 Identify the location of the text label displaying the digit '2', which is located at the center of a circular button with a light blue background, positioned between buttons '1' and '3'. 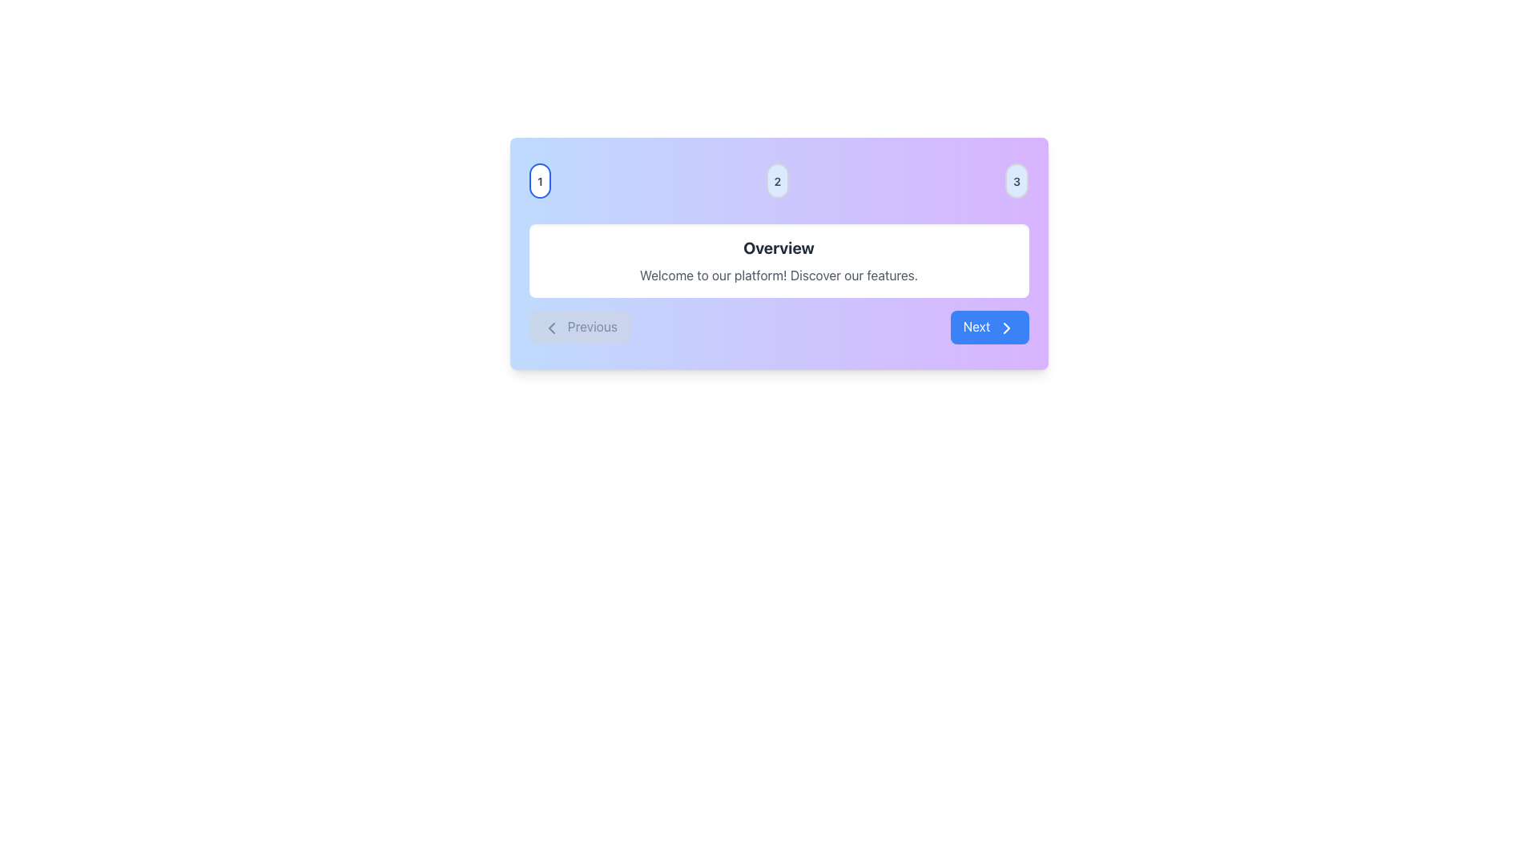
(778, 180).